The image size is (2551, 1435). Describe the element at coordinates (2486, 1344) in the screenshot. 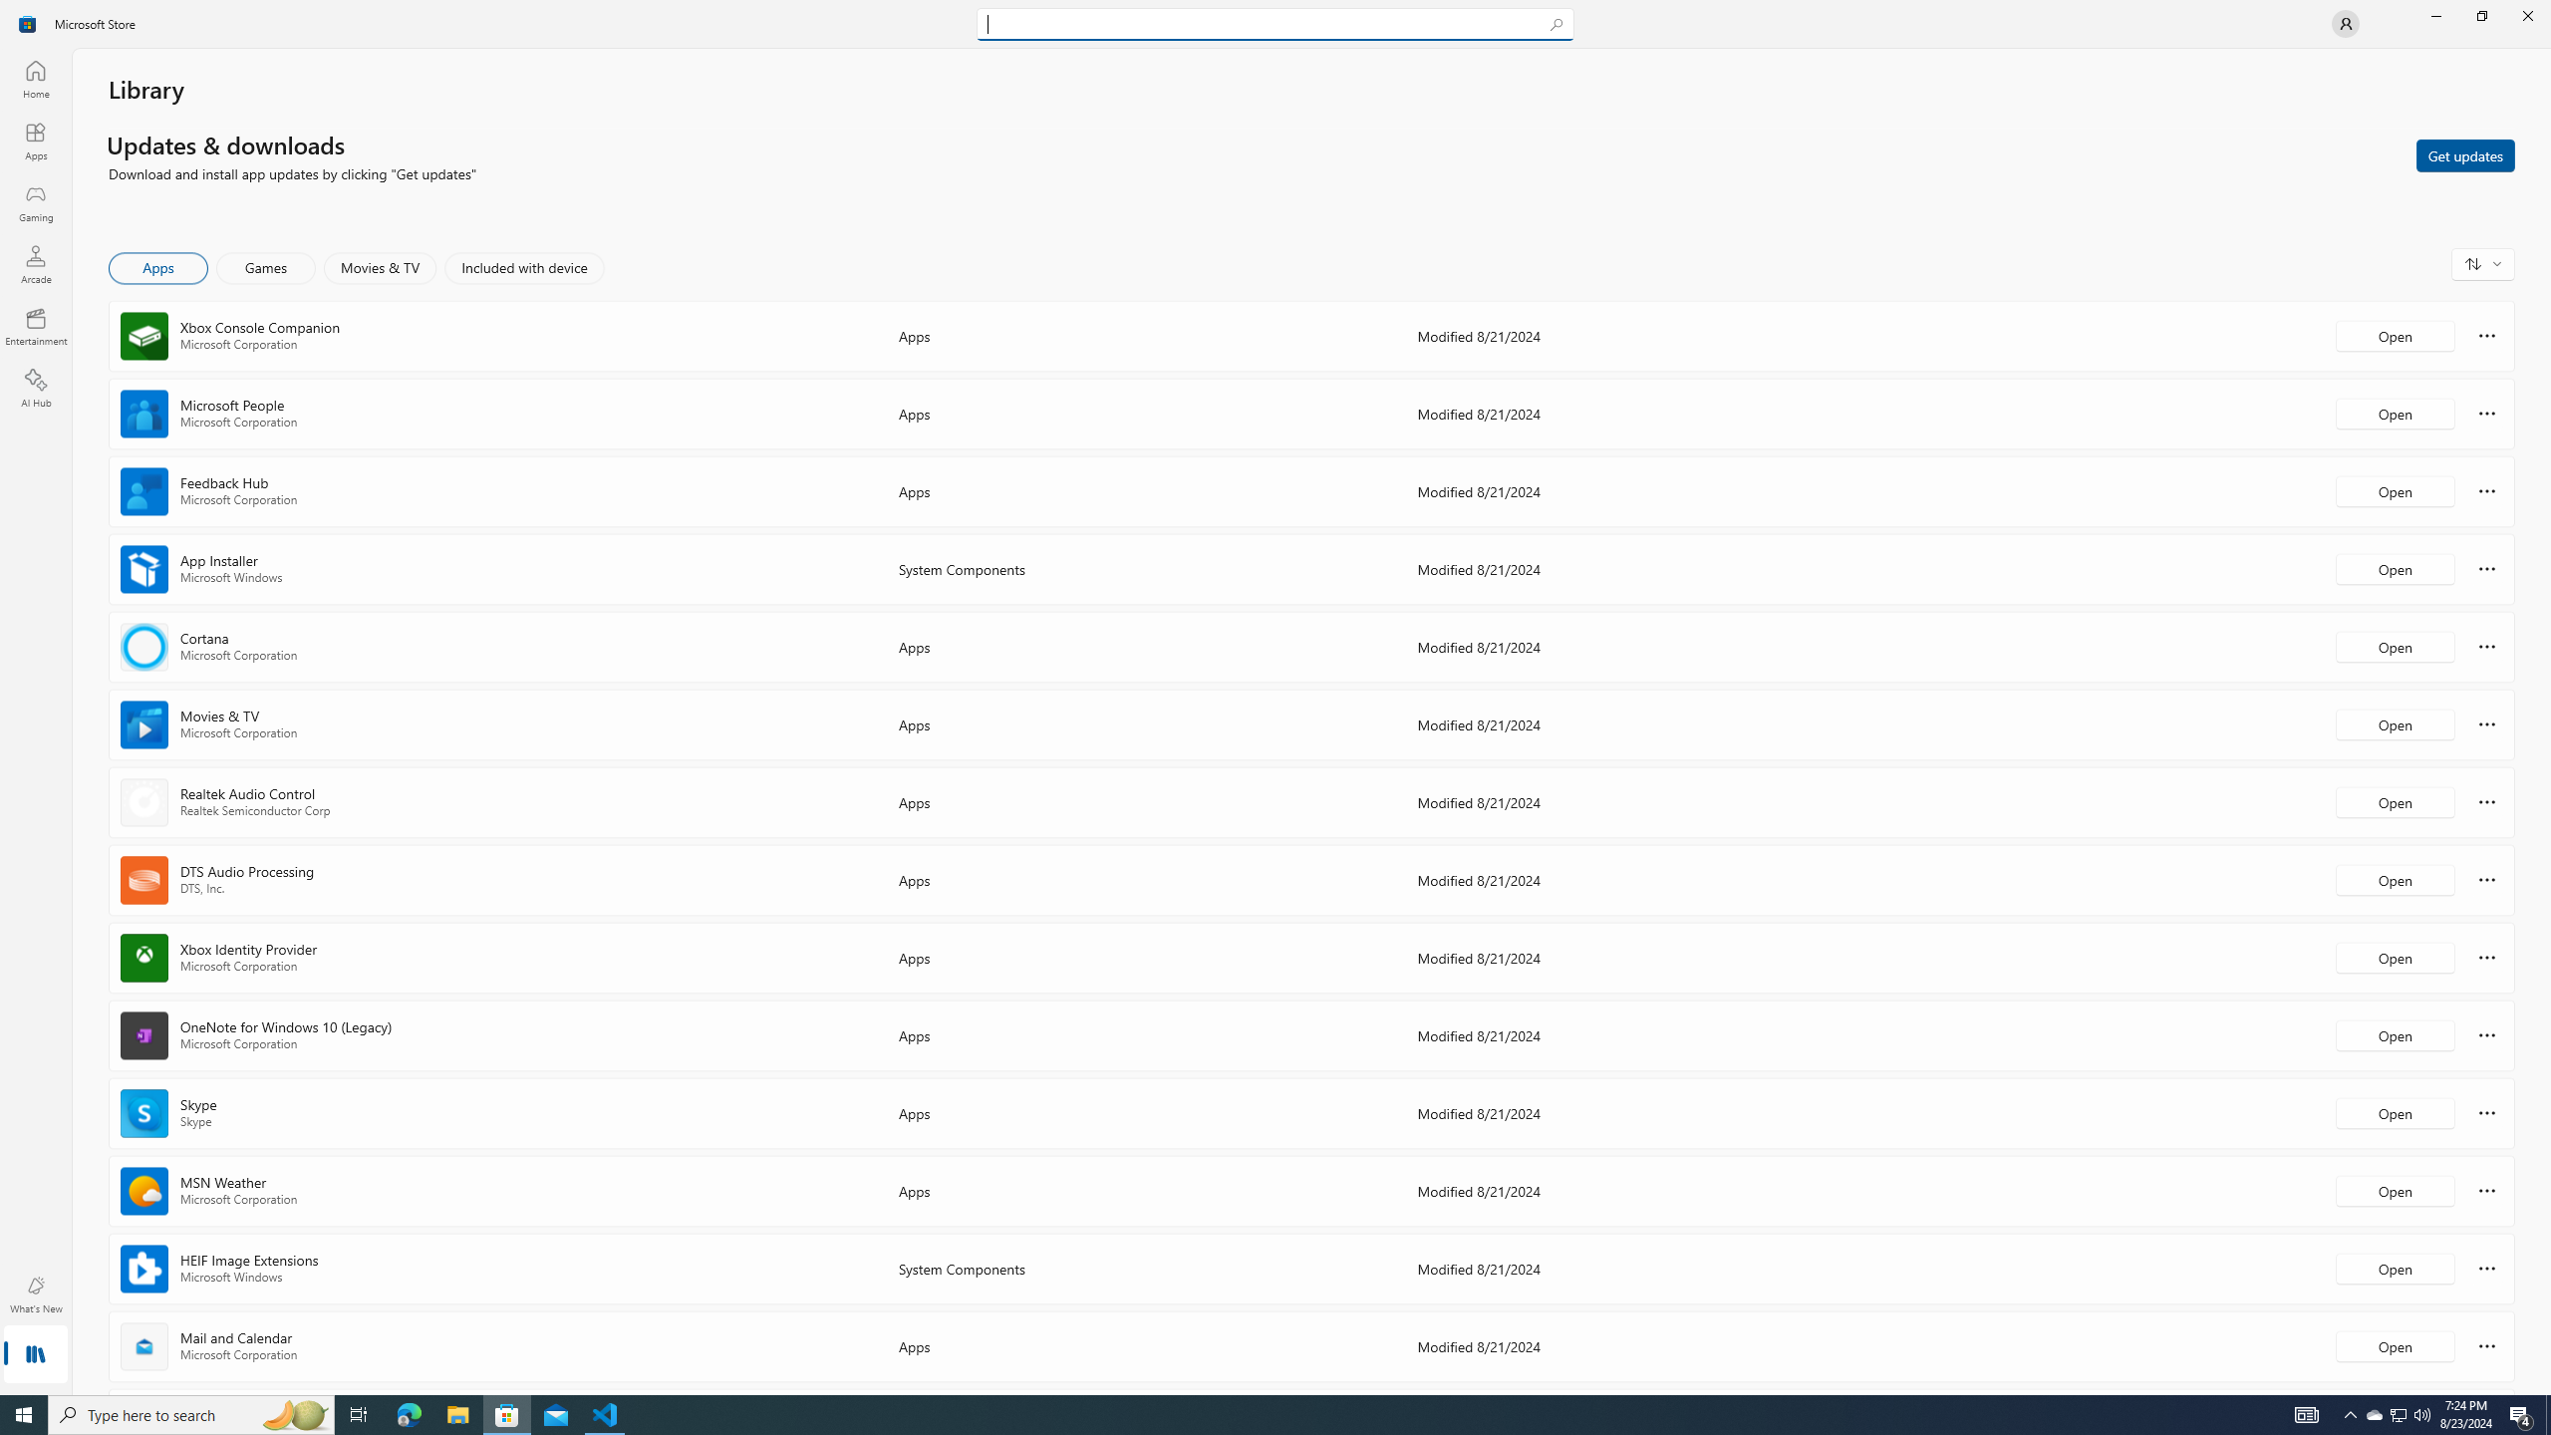

I see `'More options'` at that location.